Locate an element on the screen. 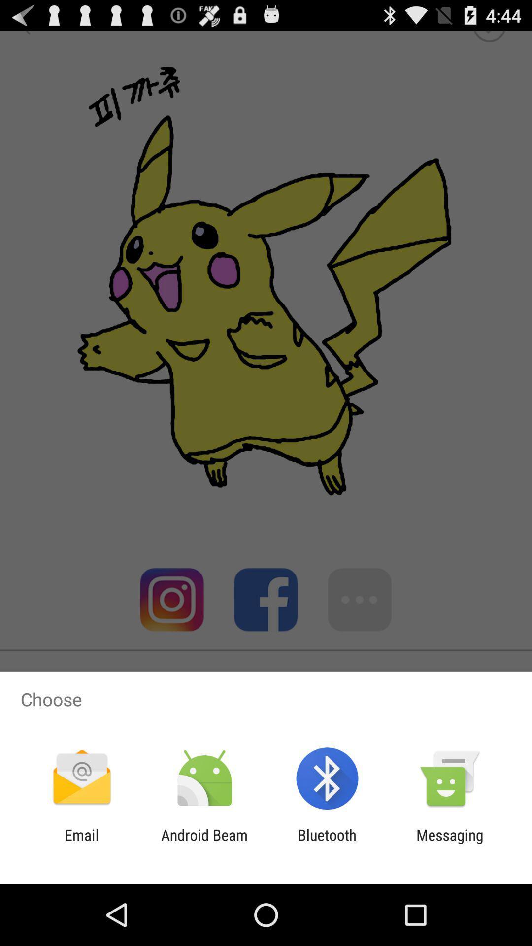 The width and height of the screenshot is (532, 946). app next to the android beam icon is located at coordinates (81, 843).